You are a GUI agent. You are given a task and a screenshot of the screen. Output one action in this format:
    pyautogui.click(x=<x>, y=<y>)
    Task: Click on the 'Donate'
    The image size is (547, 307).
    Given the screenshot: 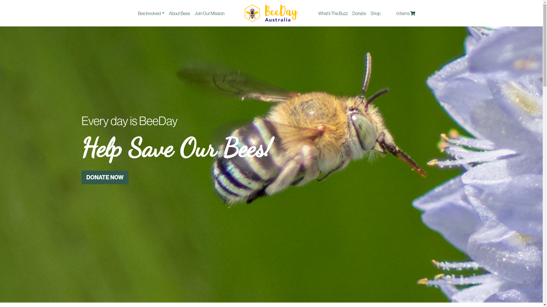 What is the action you would take?
    pyautogui.click(x=359, y=13)
    